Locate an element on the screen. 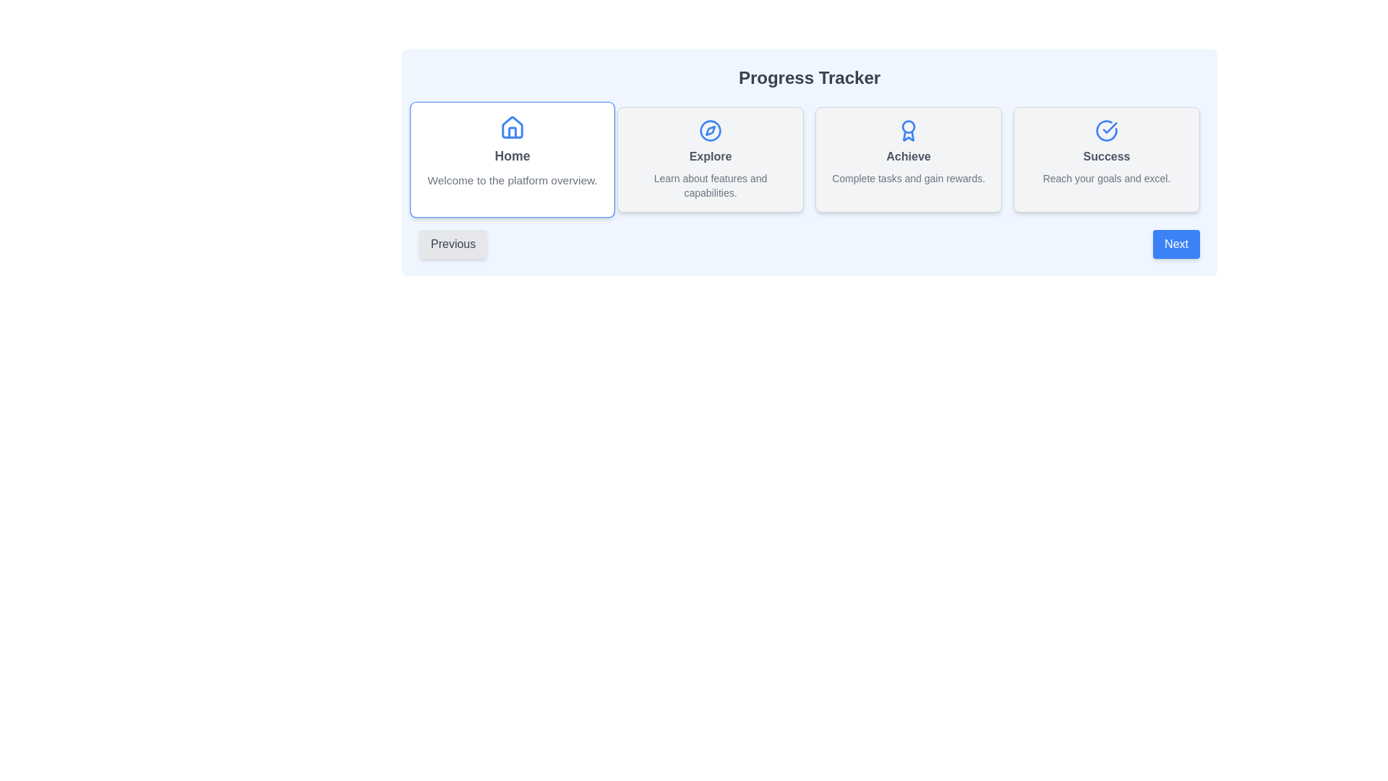  the circular decorative graphic component within the award icon located in the Progress Tracker section above the 'Achieve' card is located at coordinates (908, 125).